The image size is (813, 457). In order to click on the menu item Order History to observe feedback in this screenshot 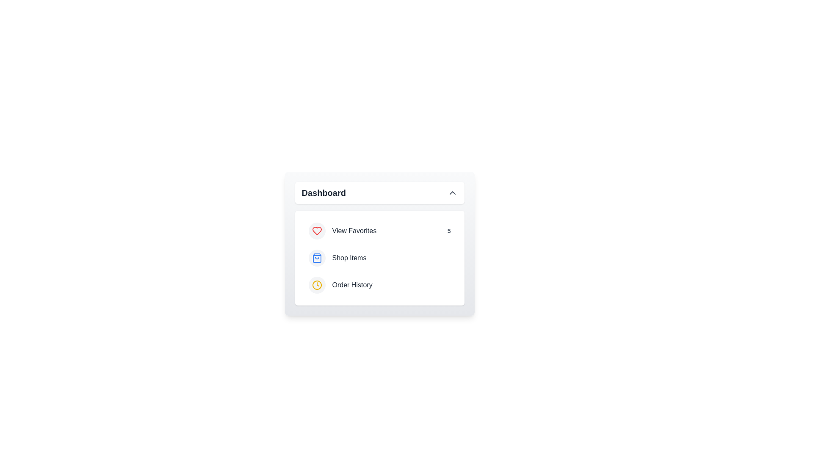, I will do `click(379, 285)`.